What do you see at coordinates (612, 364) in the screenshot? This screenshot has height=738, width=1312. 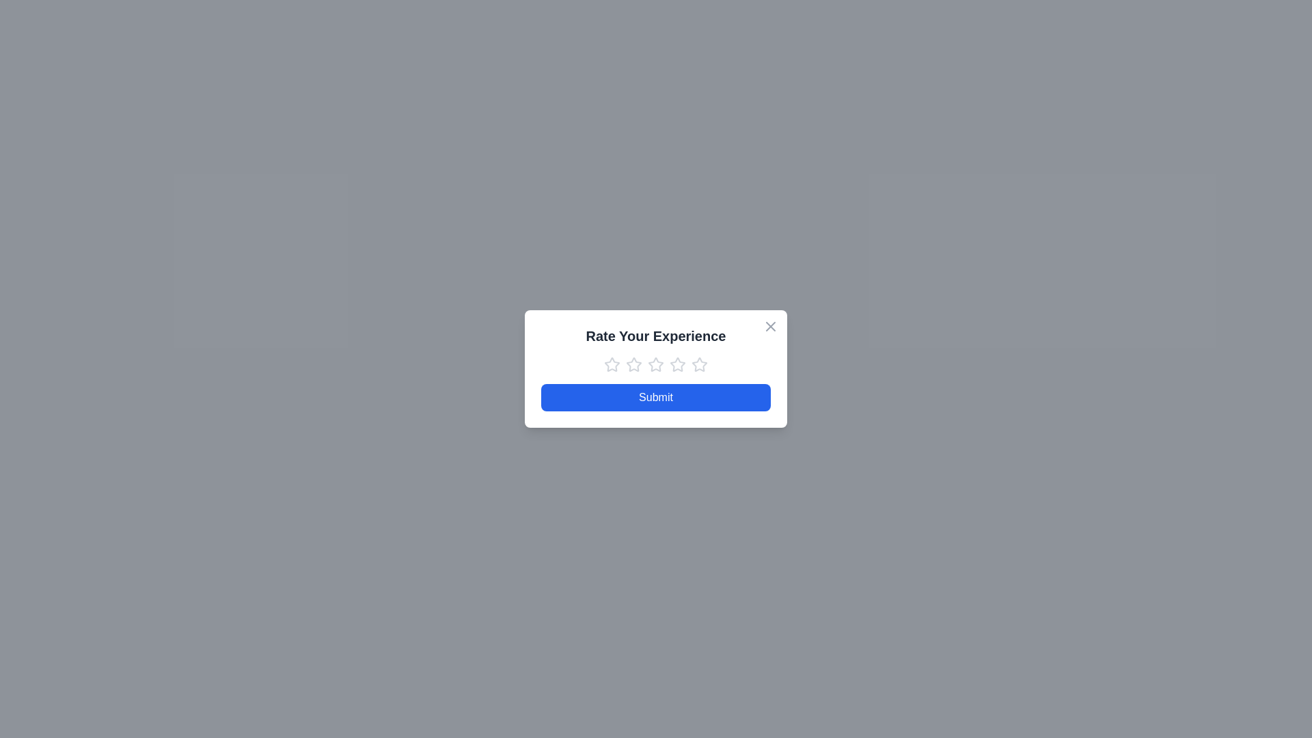 I see `the star corresponding to 1 to preview the rating` at bounding box center [612, 364].